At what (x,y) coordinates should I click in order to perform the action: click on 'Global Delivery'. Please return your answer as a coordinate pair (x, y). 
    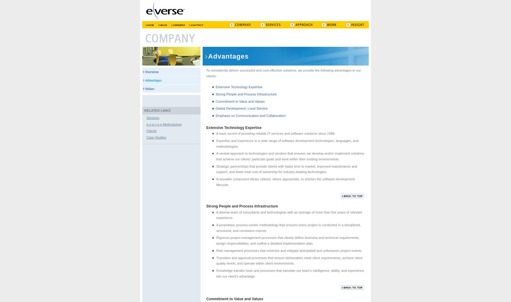
    Looking at the image, I should click on (149, 42).